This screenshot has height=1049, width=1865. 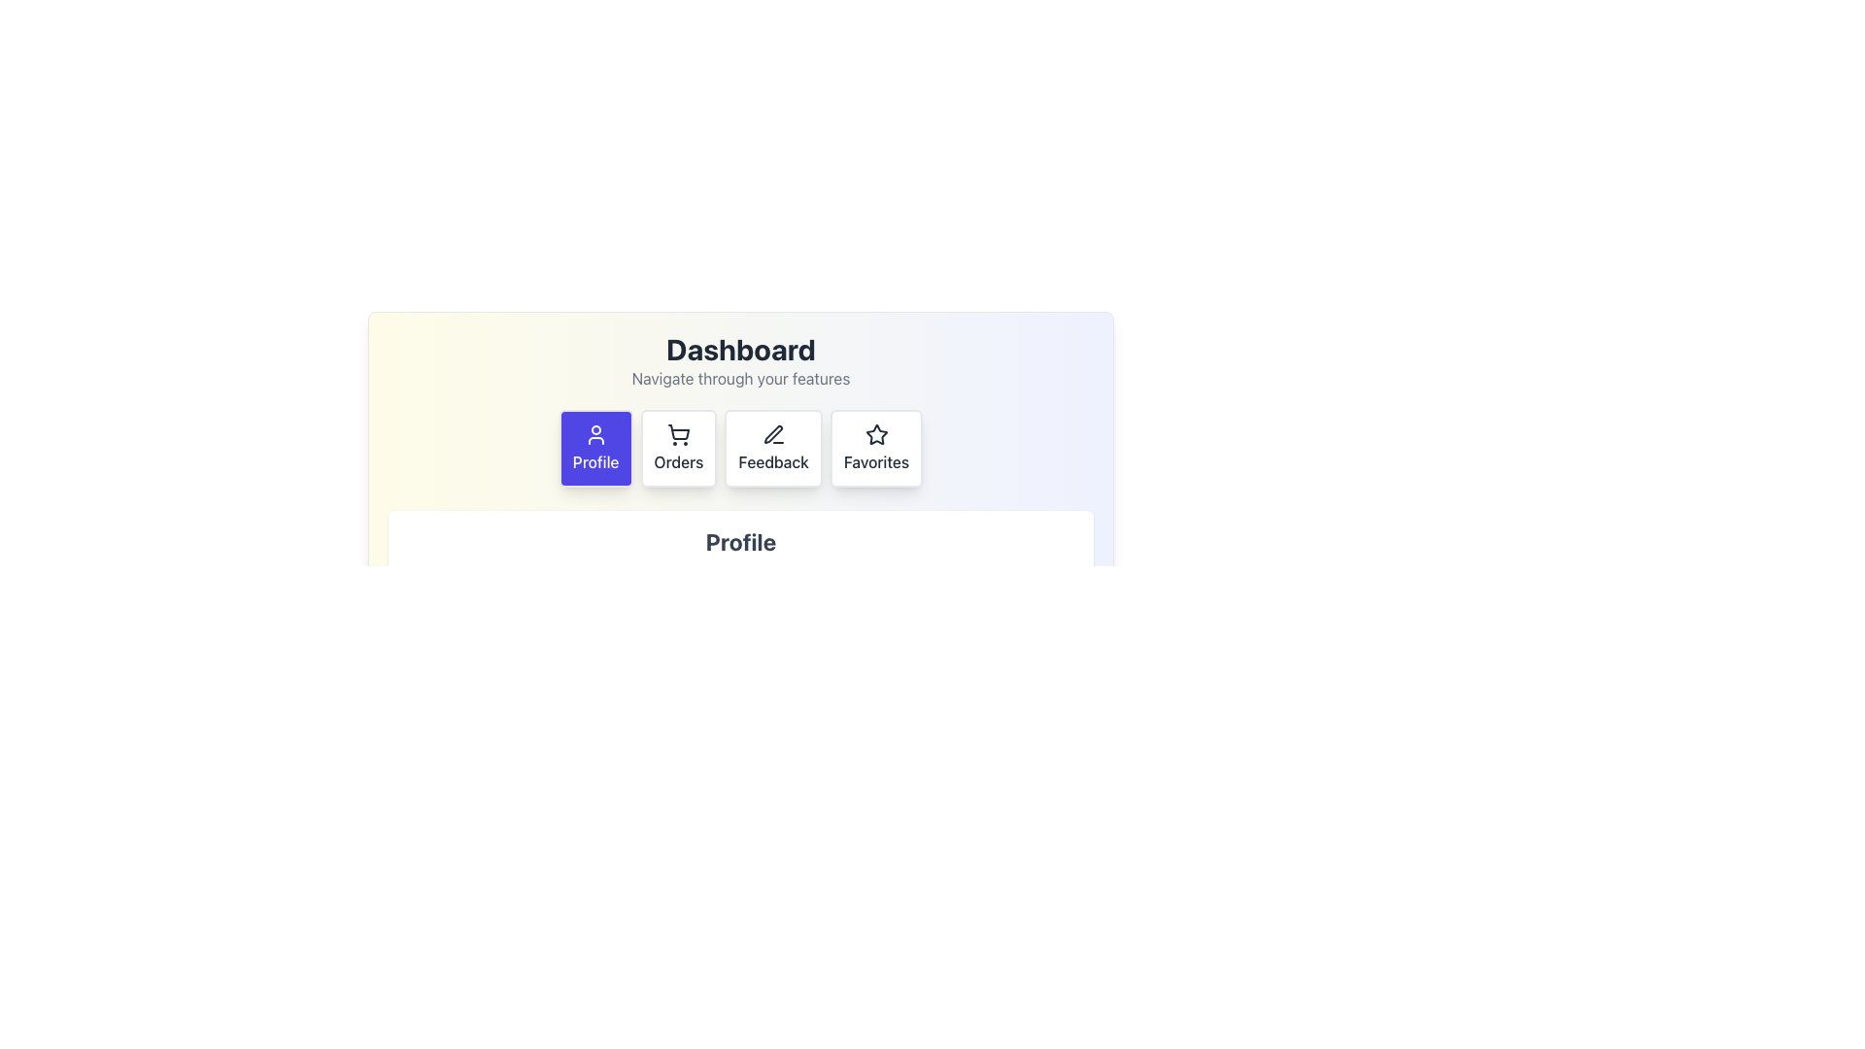 I want to click on the text label indicating functionality or navigation related, so click(x=678, y=461).